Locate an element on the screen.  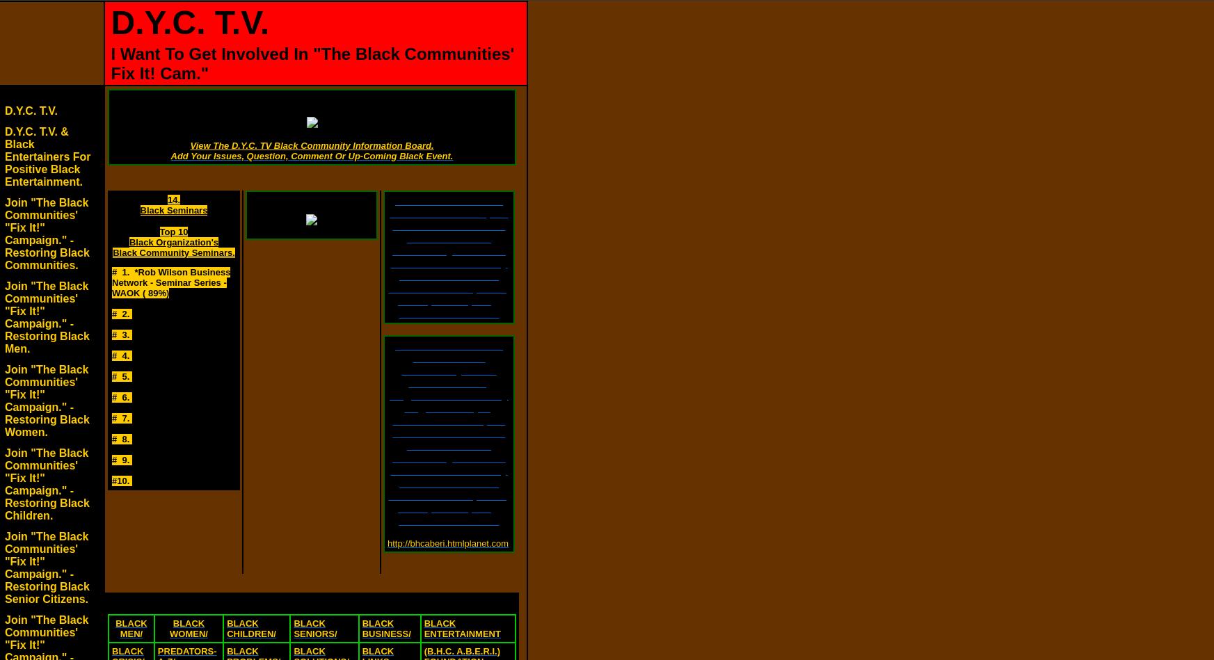
'http://bhcaberi.htmlplanet.com' is located at coordinates (447, 543).